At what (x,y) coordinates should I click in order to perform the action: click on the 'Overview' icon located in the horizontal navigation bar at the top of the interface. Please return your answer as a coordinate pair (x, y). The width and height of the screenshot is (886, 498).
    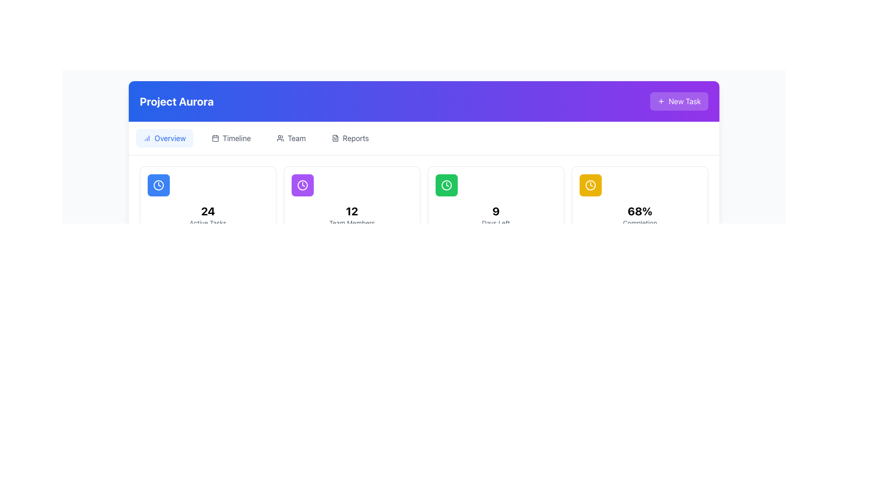
    Looking at the image, I should click on (146, 138).